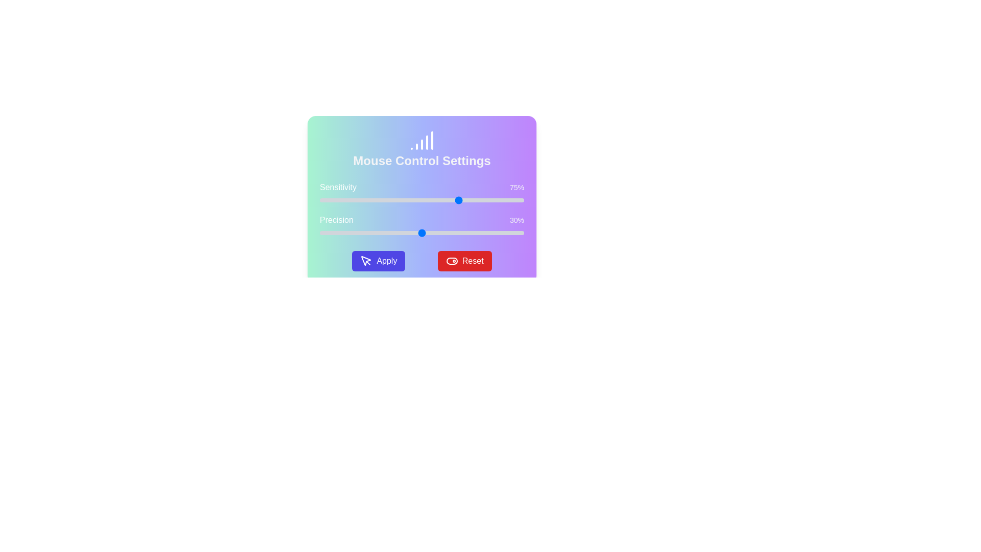 The image size is (981, 552). Describe the element at coordinates (517, 187) in the screenshot. I see `the static text label displaying '75%' that is positioned to the right of the 'Sensitivity' label and aligns with the sensitivity slider` at that location.